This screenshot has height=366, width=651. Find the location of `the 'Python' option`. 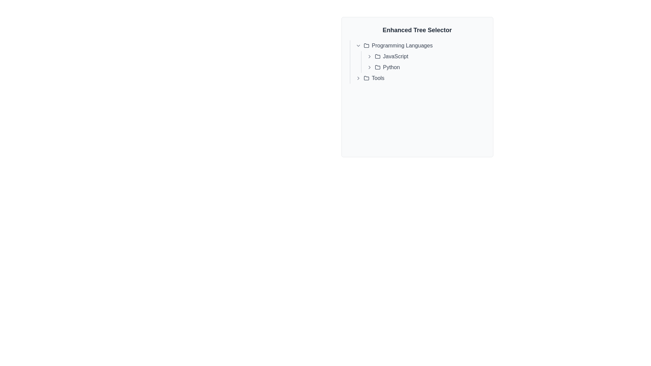

the 'Python' option is located at coordinates (391, 67).